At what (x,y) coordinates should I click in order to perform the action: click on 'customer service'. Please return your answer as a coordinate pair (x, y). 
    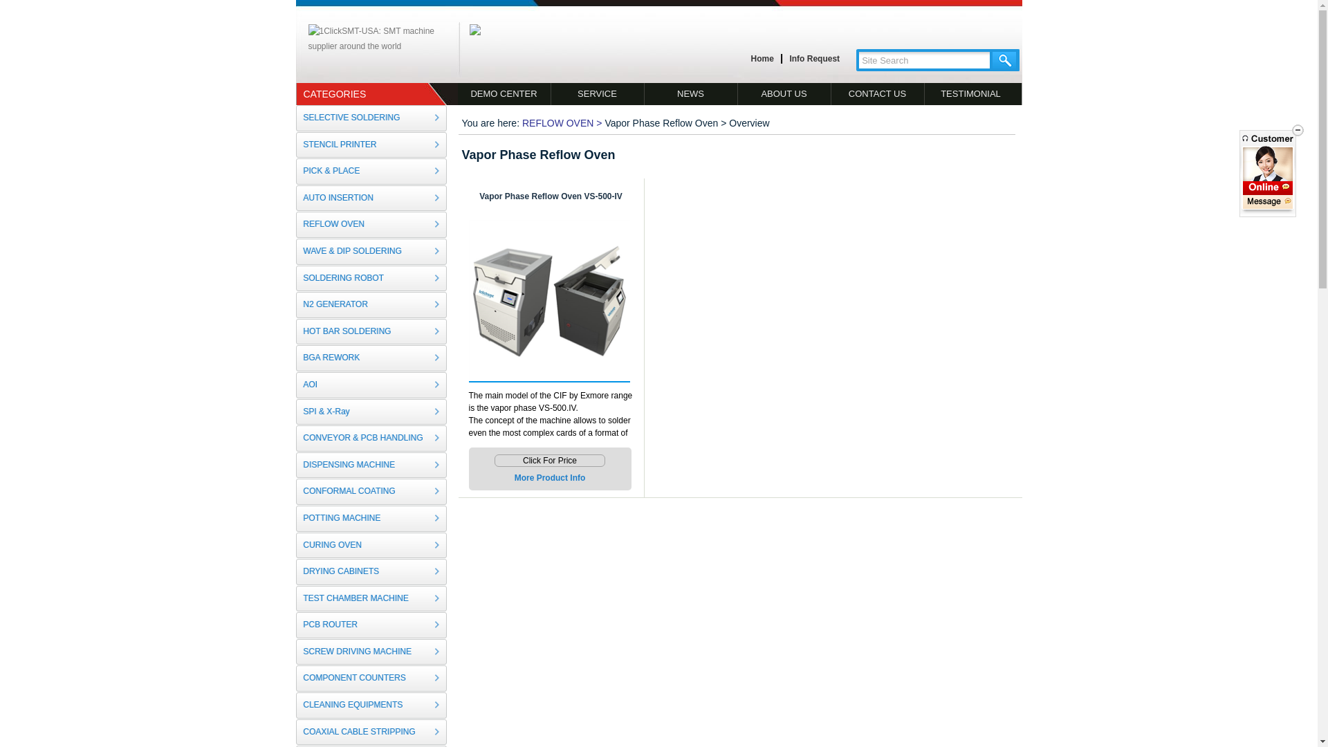
    Looking at the image, I should click on (1268, 202).